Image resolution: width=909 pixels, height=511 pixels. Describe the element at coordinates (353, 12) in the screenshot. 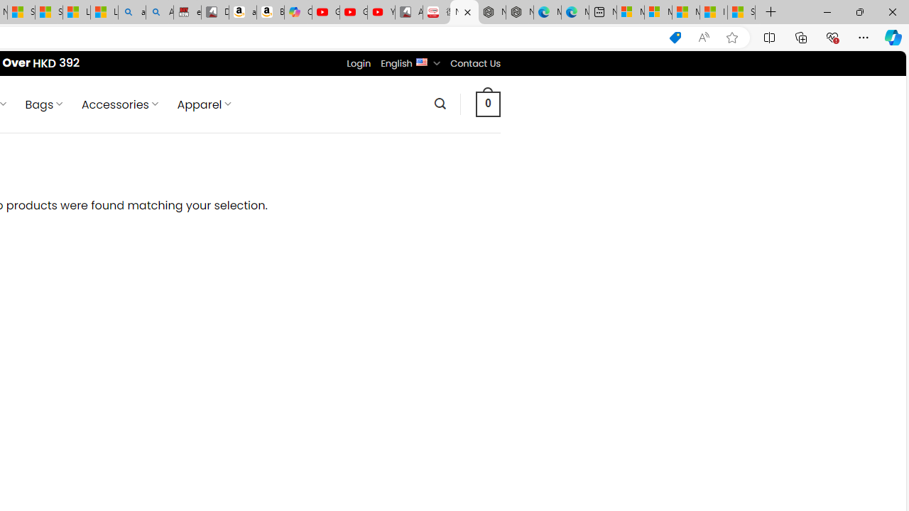

I see `'Gloom - YouTube'` at that location.